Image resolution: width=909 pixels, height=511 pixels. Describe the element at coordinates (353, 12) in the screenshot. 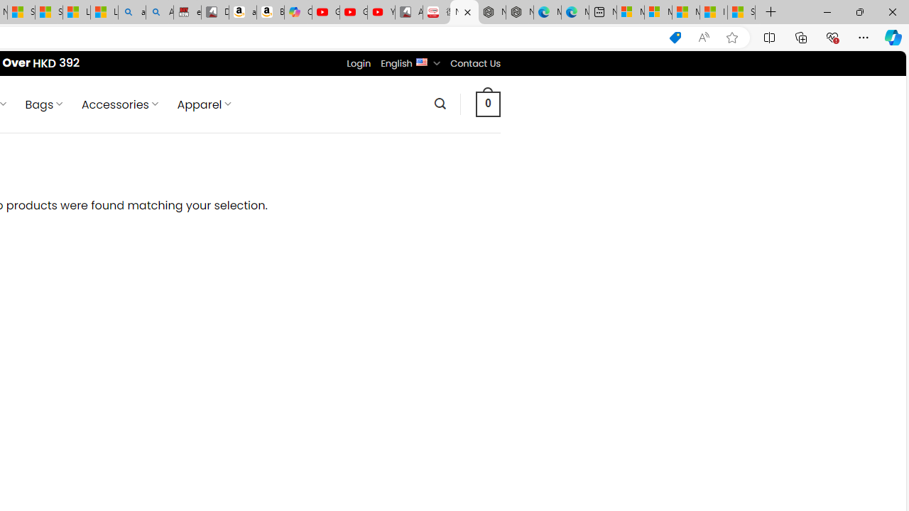

I see `'Gloom - YouTube'` at that location.